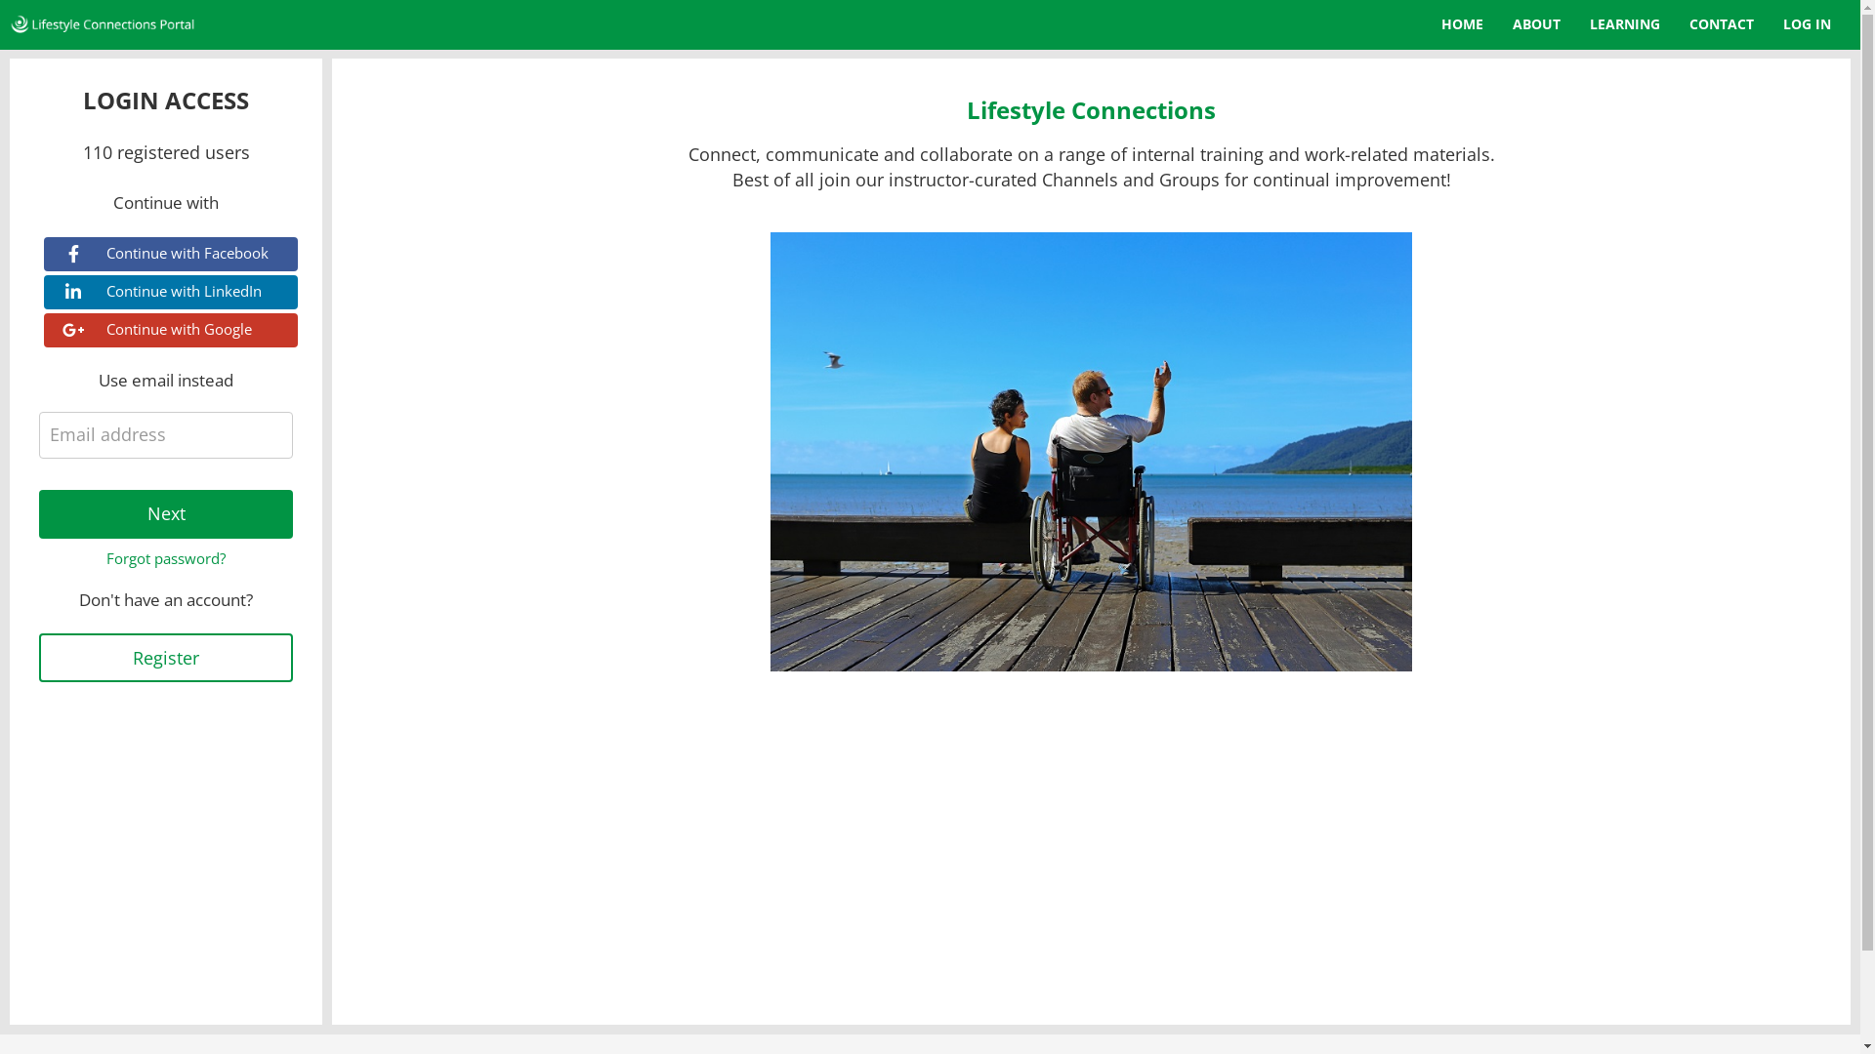 Image resolution: width=1875 pixels, height=1054 pixels. Describe the element at coordinates (170, 253) in the screenshot. I see `'Continue with Facebook'` at that location.